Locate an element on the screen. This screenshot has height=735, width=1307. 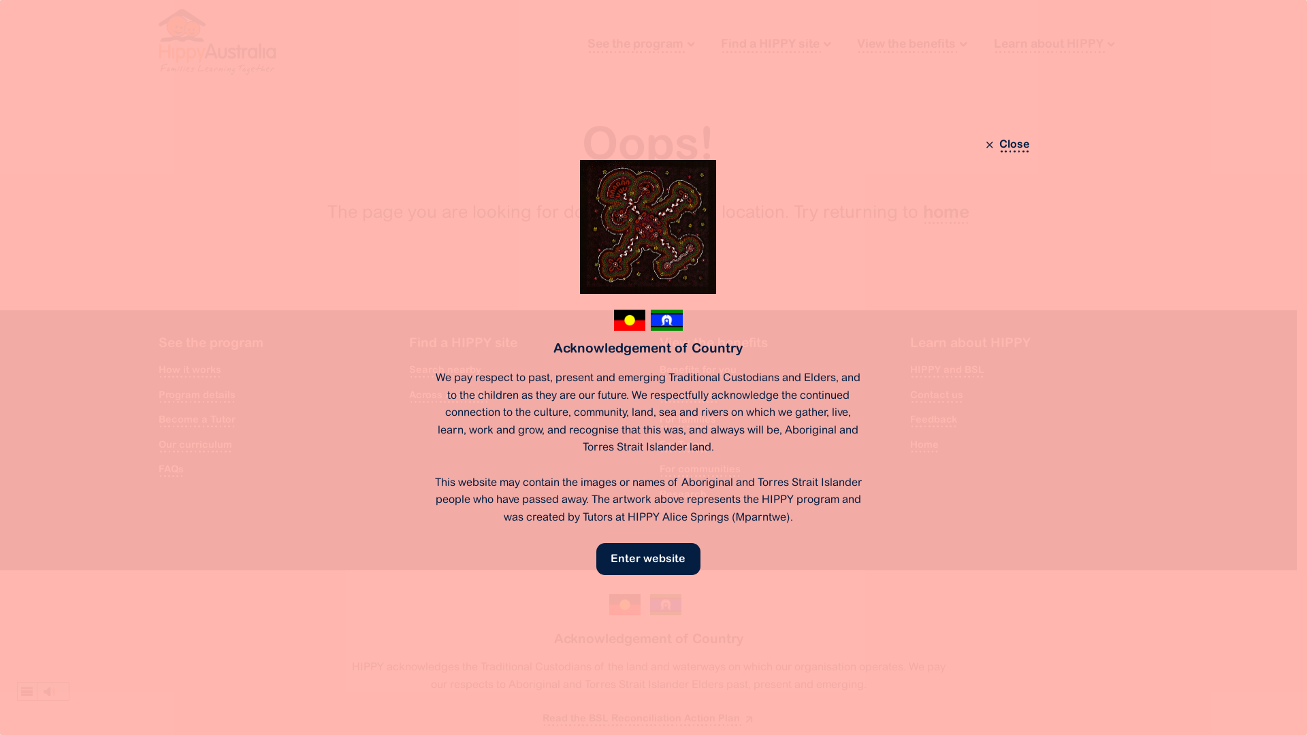
'HIPPY and BSL' is located at coordinates (946, 370).